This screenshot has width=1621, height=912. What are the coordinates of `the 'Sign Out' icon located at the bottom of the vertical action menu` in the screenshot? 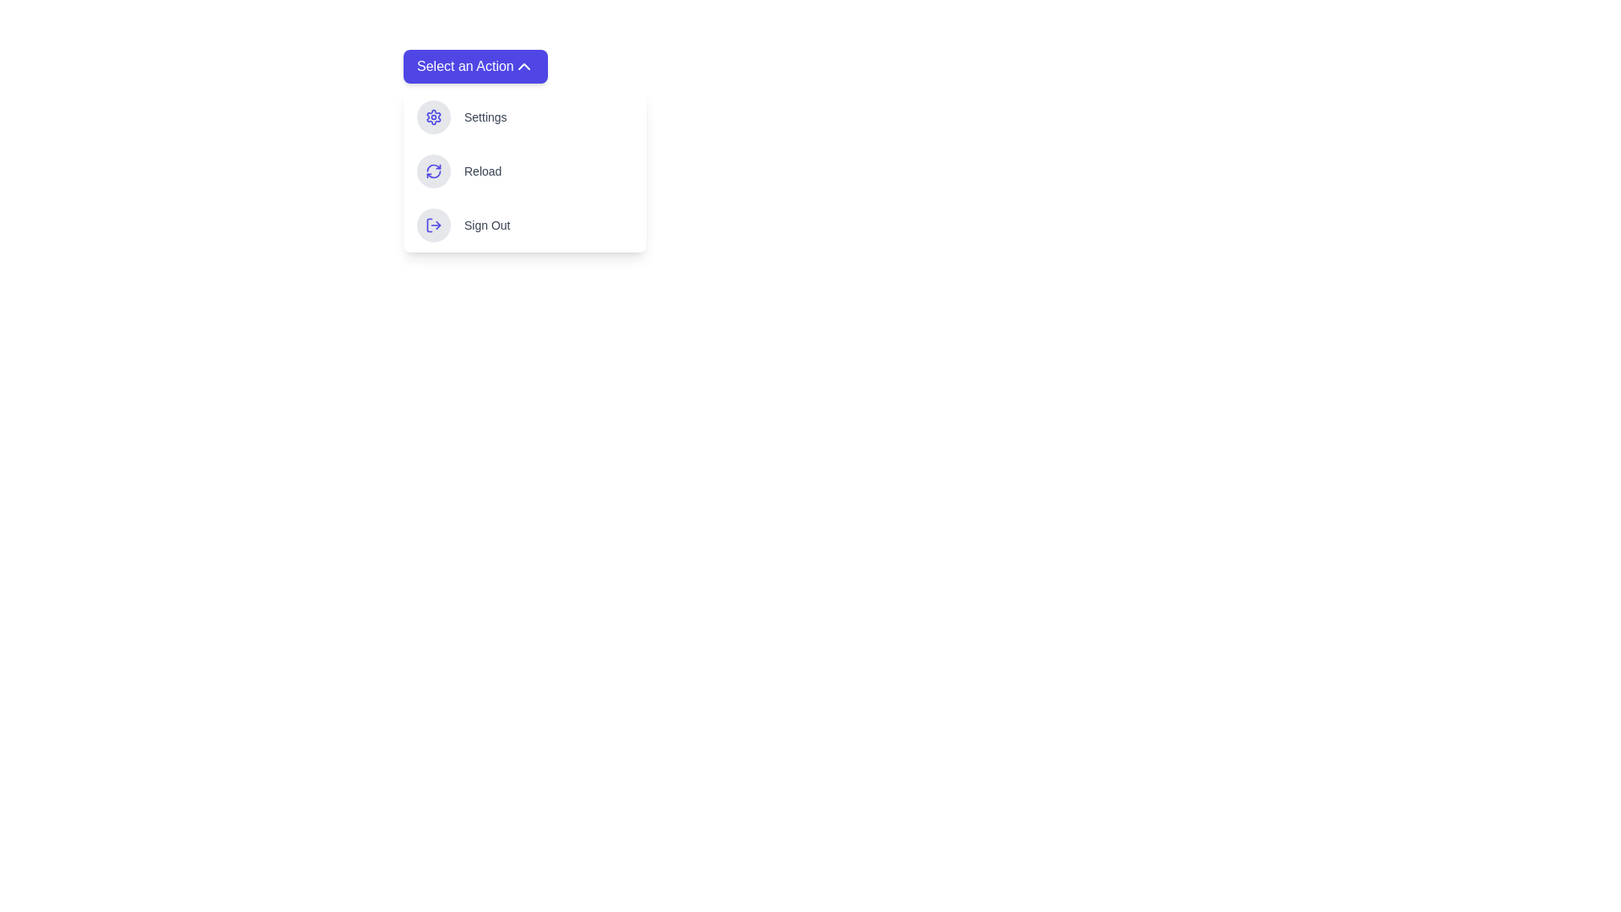 It's located at (433, 224).